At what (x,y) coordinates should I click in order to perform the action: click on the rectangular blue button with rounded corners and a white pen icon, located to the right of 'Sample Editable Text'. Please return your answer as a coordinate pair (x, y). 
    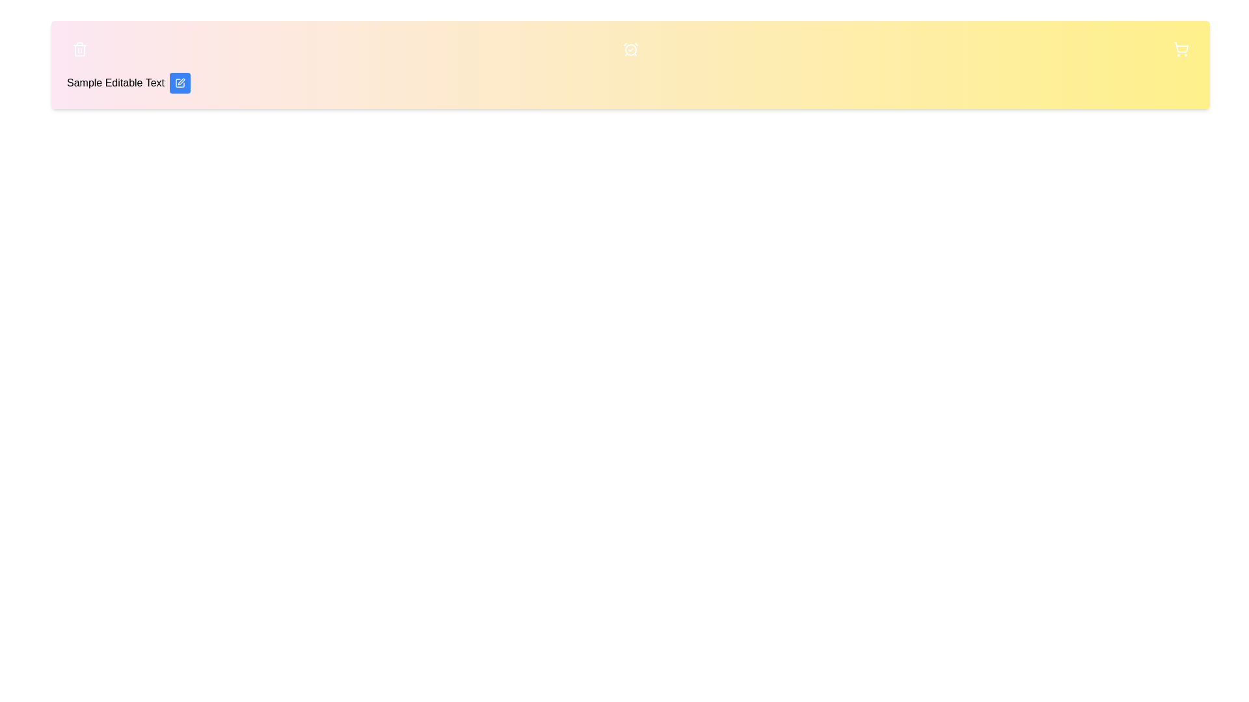
    Looking at the image, I should click on (180, 83).